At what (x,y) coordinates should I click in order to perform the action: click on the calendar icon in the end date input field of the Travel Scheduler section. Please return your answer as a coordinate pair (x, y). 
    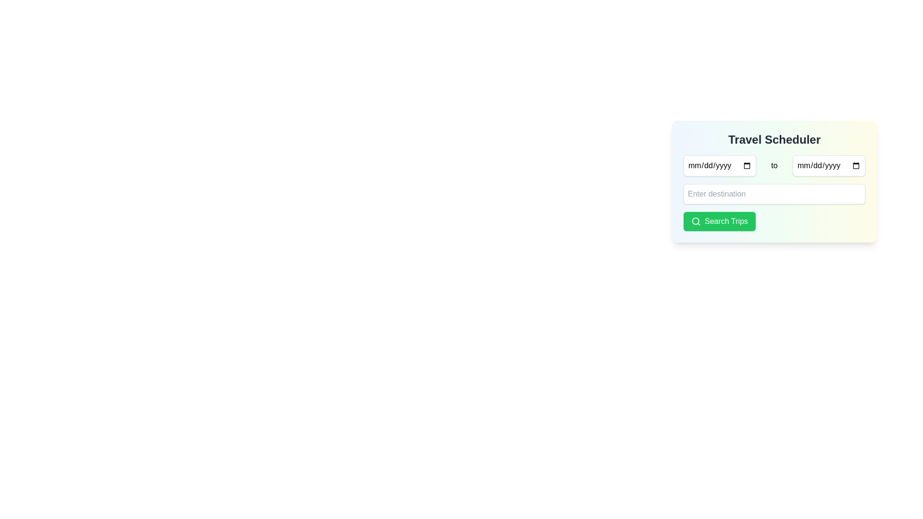
    Looking at the image, I should click on (828, 165).